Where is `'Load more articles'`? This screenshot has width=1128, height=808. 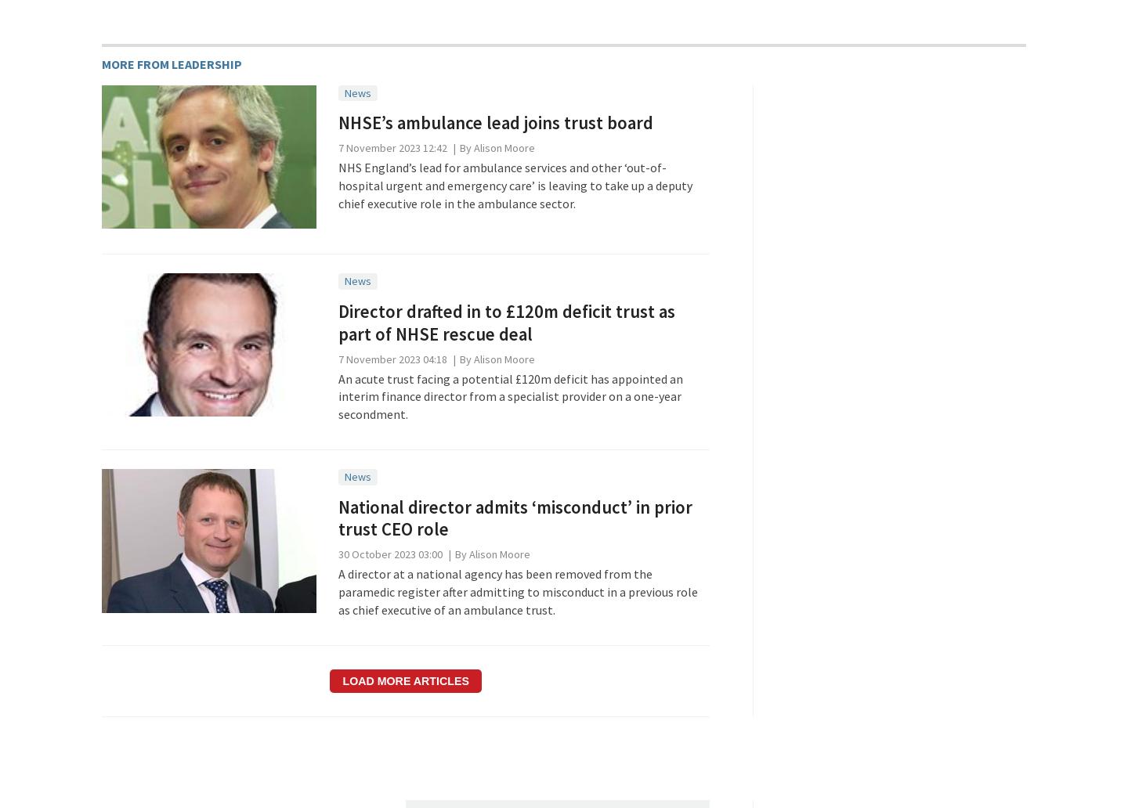 'Load more articles' is located at coordinates (404, 680).